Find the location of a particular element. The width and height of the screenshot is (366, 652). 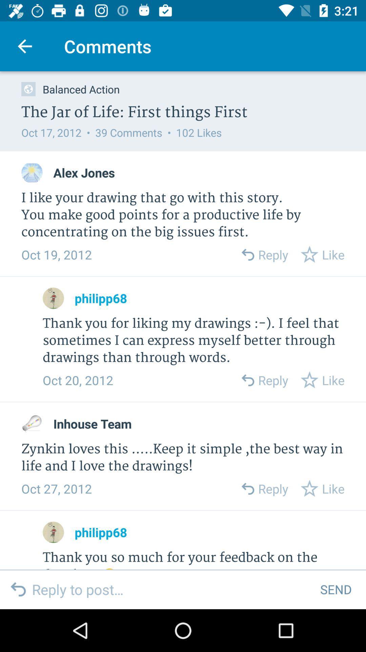

click comment is located at coordinates (32, 423).